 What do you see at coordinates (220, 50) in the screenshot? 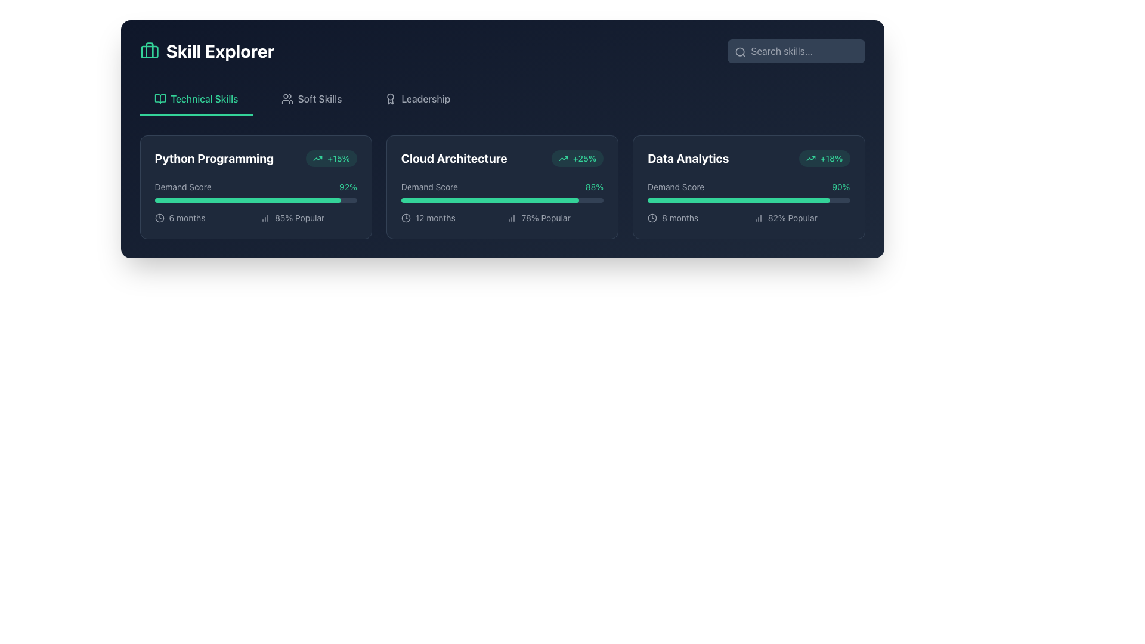
I see `the static text element labeled 'Skill Explorer', which serves as a title or heading in the upper left section of the interface, adjacent to the briefcase icon and above the 'Technical Skills' tab` at bounding box center [220, 50].